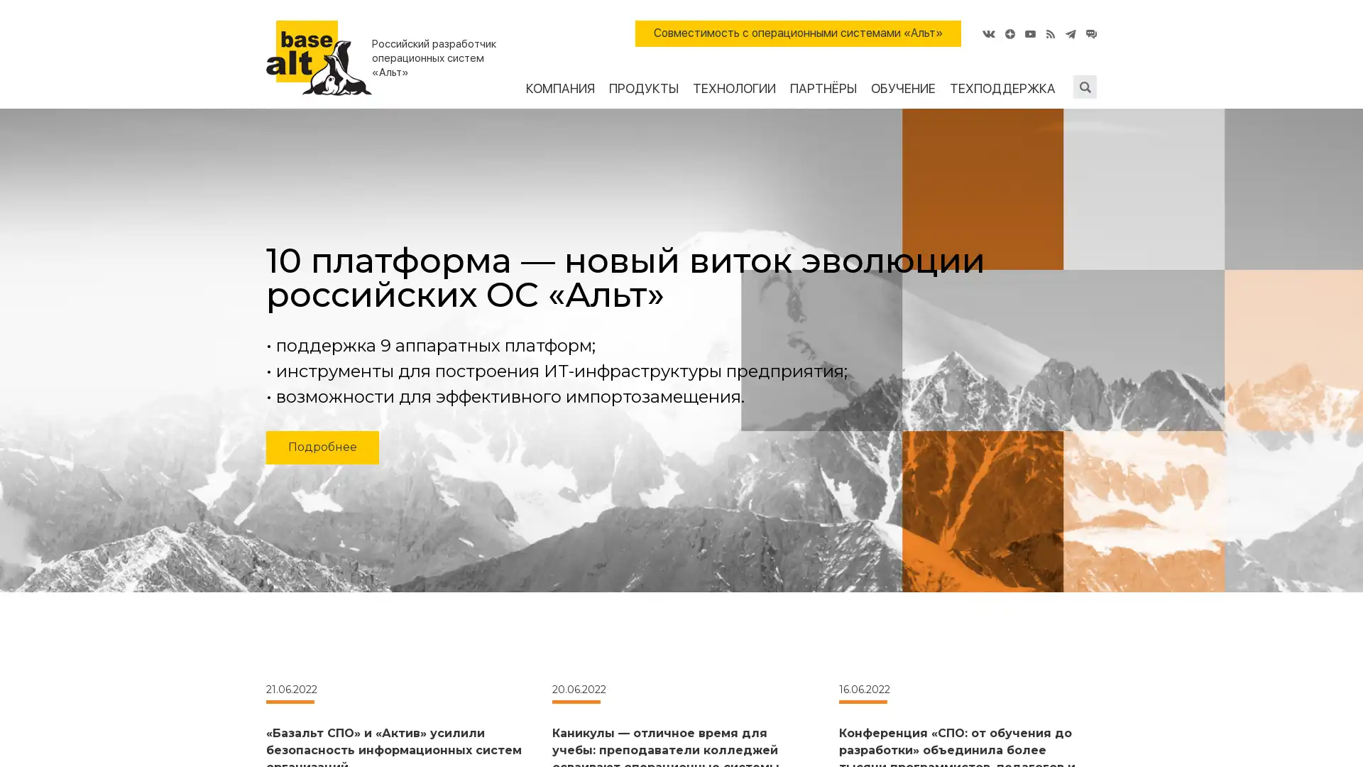 Image resolution: width=1363 pixels, height=767 pixels. Describe the element at coordinates (1084, 87) in the screenshot. I see `Submit` at that location.